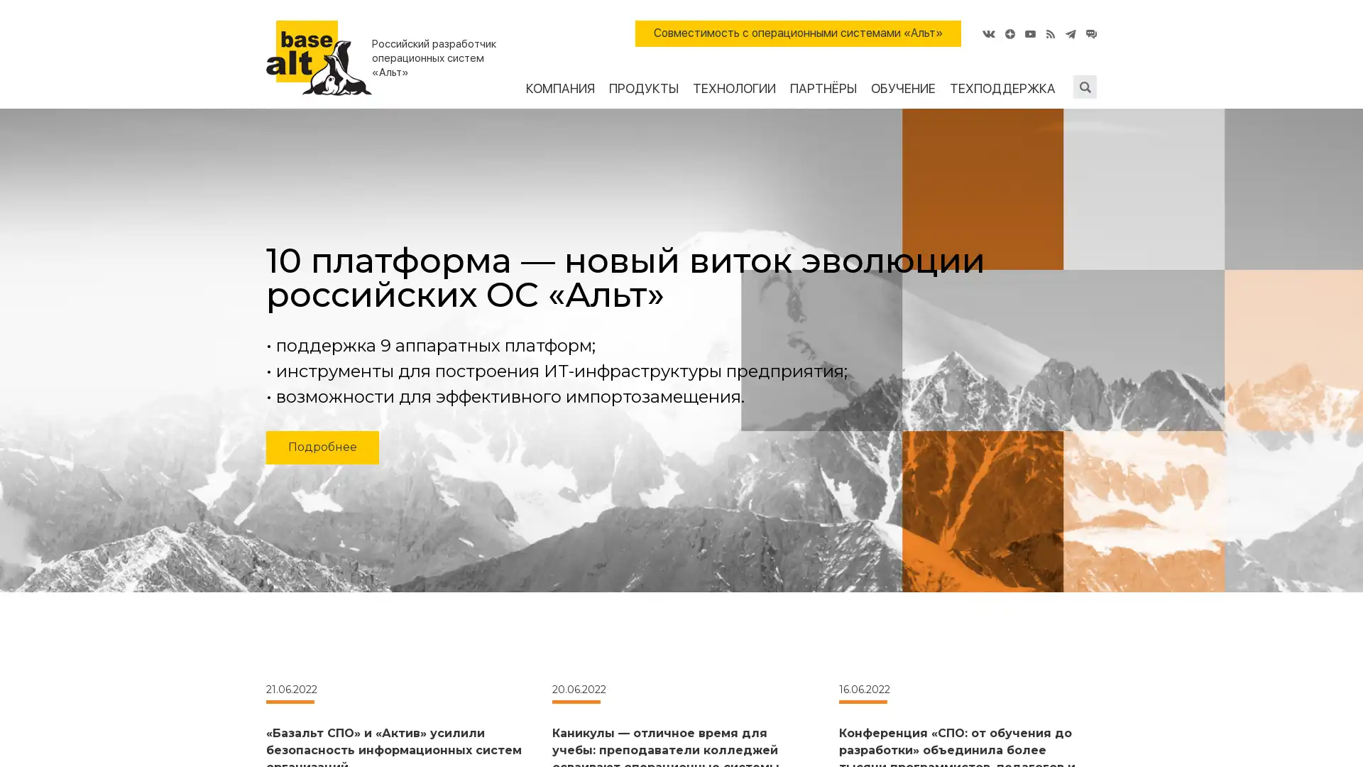 Image resolution: width=1363 pixels, height=767 pixels. Describe the element at coordinates (1084, 87) in the screenshot. I see `Submit` at that location.